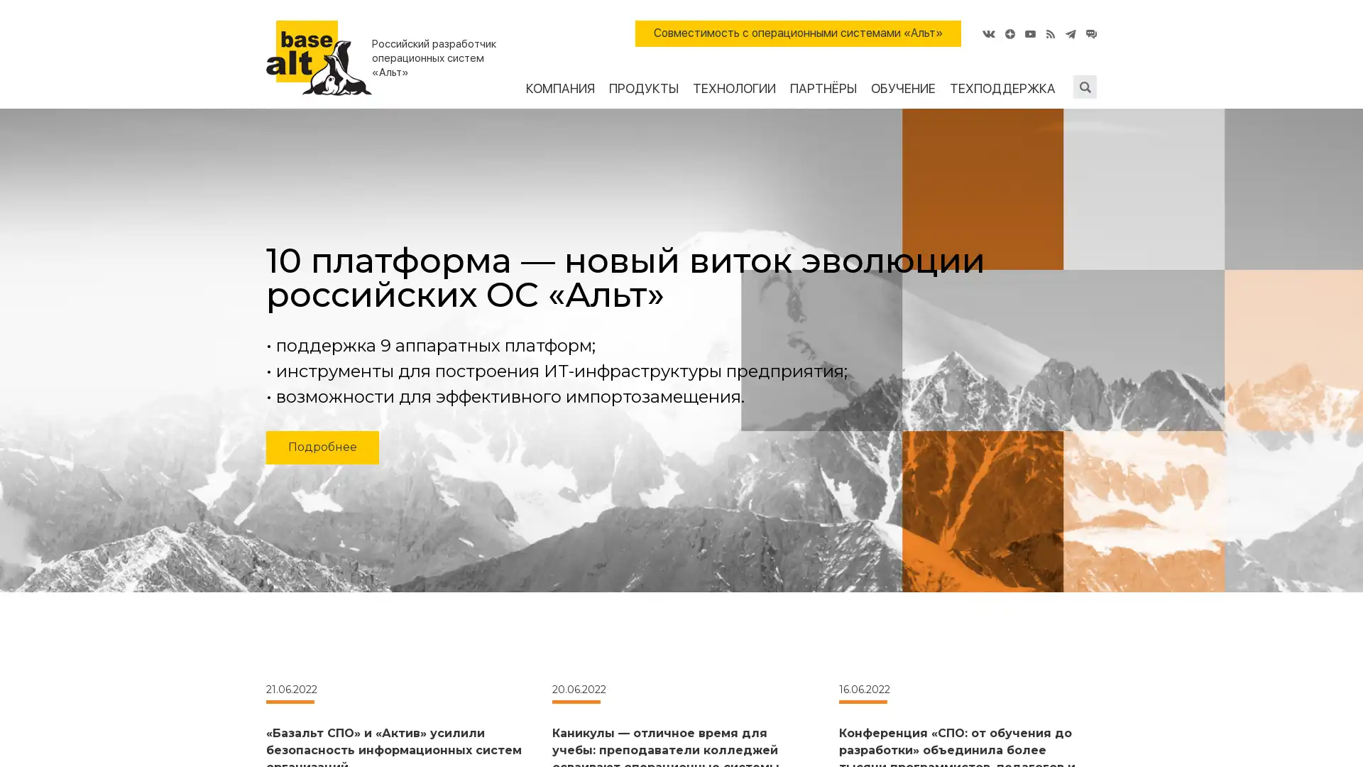 Image resolution: width=1363 pixels, height=767 pixels. Describe the element at coordinates (1084, 87) in the screenshot. I see `Submit` at that location.